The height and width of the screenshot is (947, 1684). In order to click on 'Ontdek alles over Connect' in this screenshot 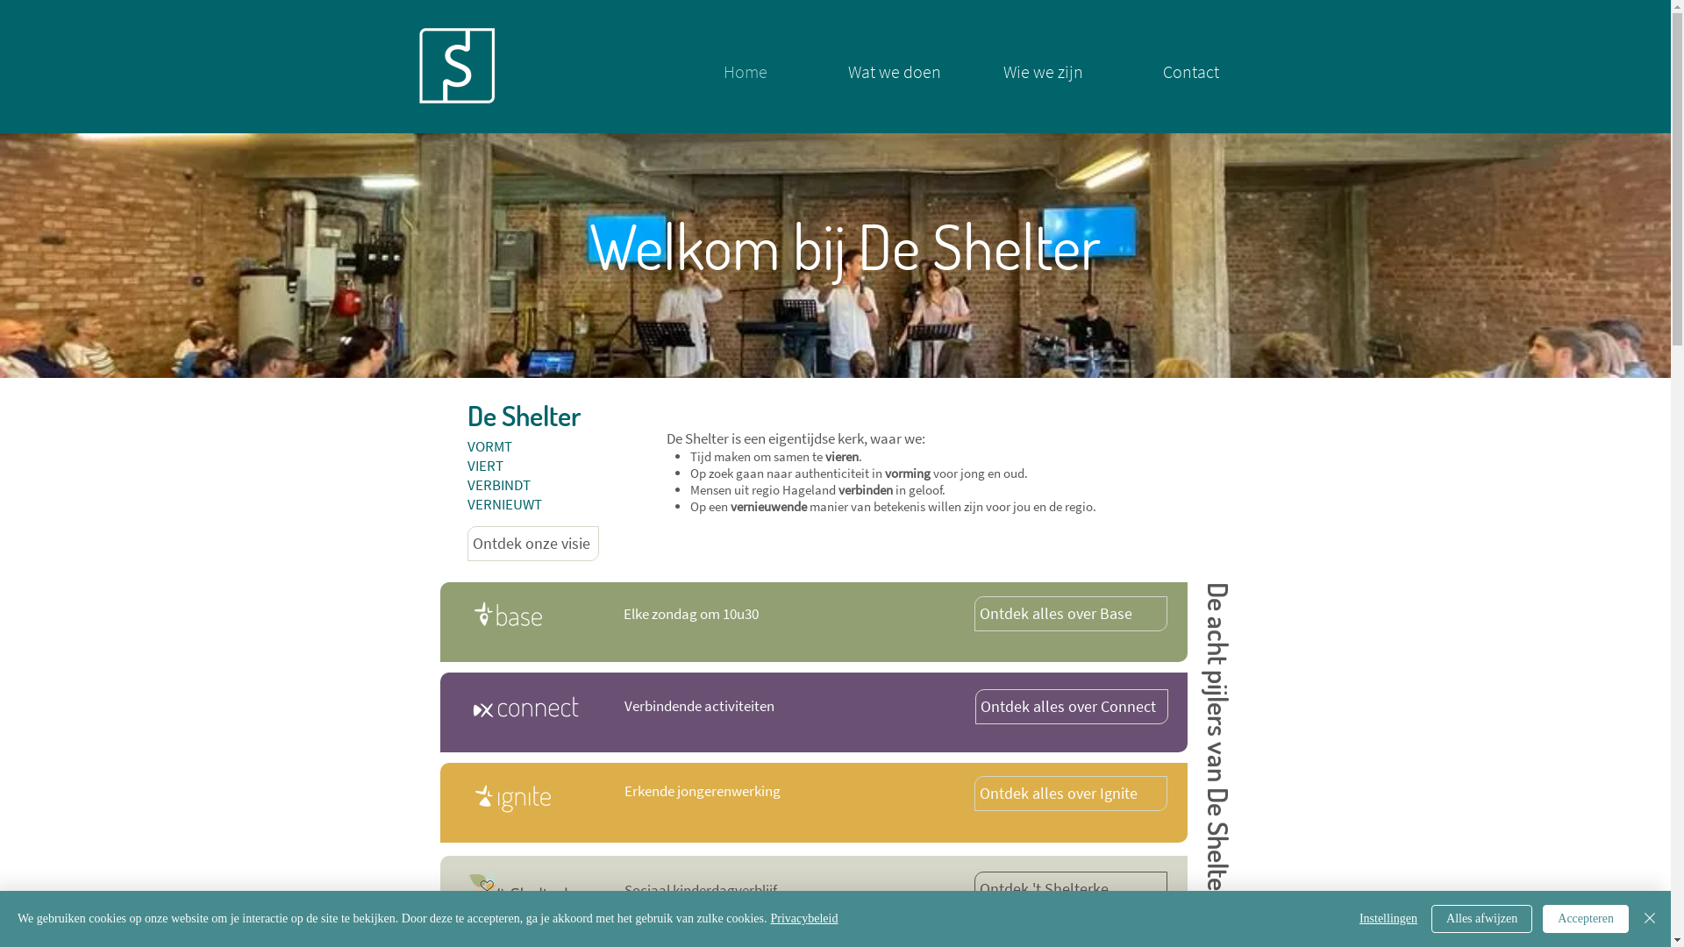, I will do `click(1071, 706)`.